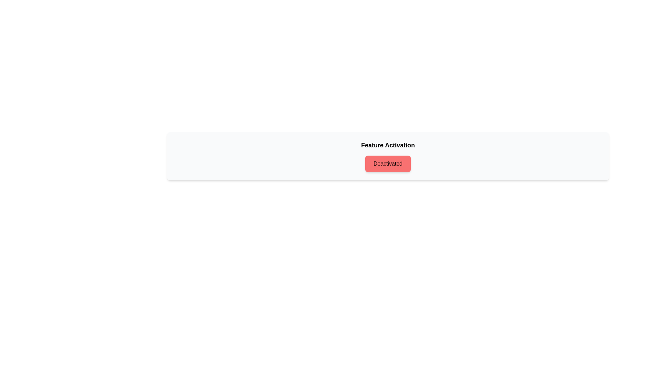  Describe the element at coordinates (388, 164) in the screenshot. I see `the button to toggle its status` at that location.